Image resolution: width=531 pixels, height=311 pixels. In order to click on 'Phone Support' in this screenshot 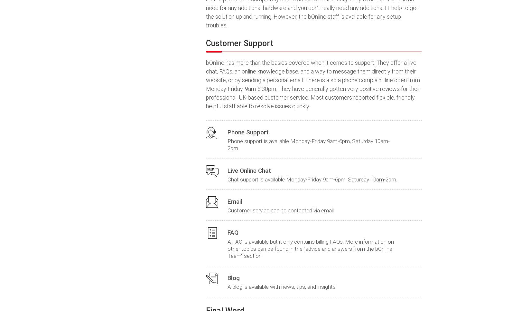, I will do `click(248, 132)`.